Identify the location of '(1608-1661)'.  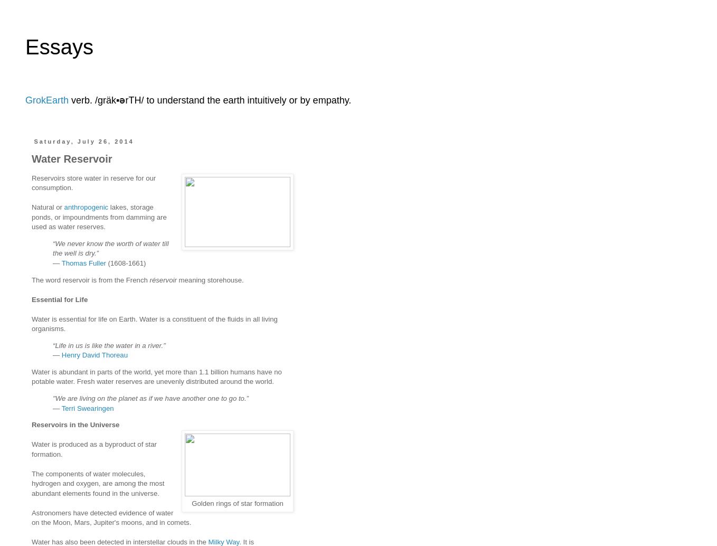
(105, 262).